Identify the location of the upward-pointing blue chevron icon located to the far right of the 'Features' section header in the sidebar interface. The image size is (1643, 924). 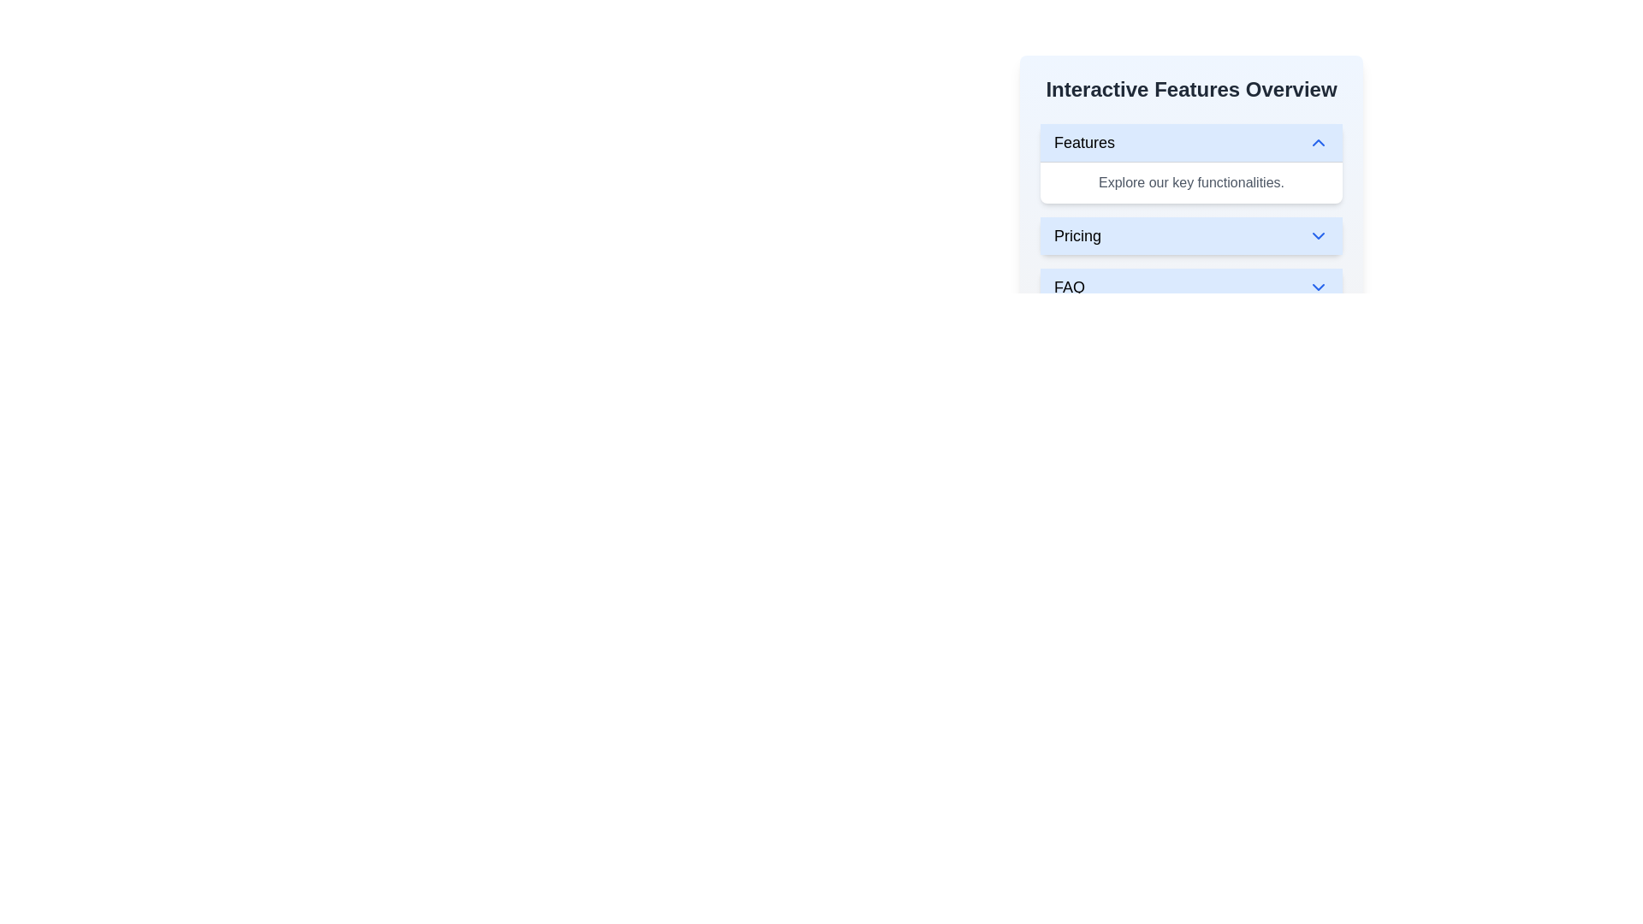
(1317, 141).